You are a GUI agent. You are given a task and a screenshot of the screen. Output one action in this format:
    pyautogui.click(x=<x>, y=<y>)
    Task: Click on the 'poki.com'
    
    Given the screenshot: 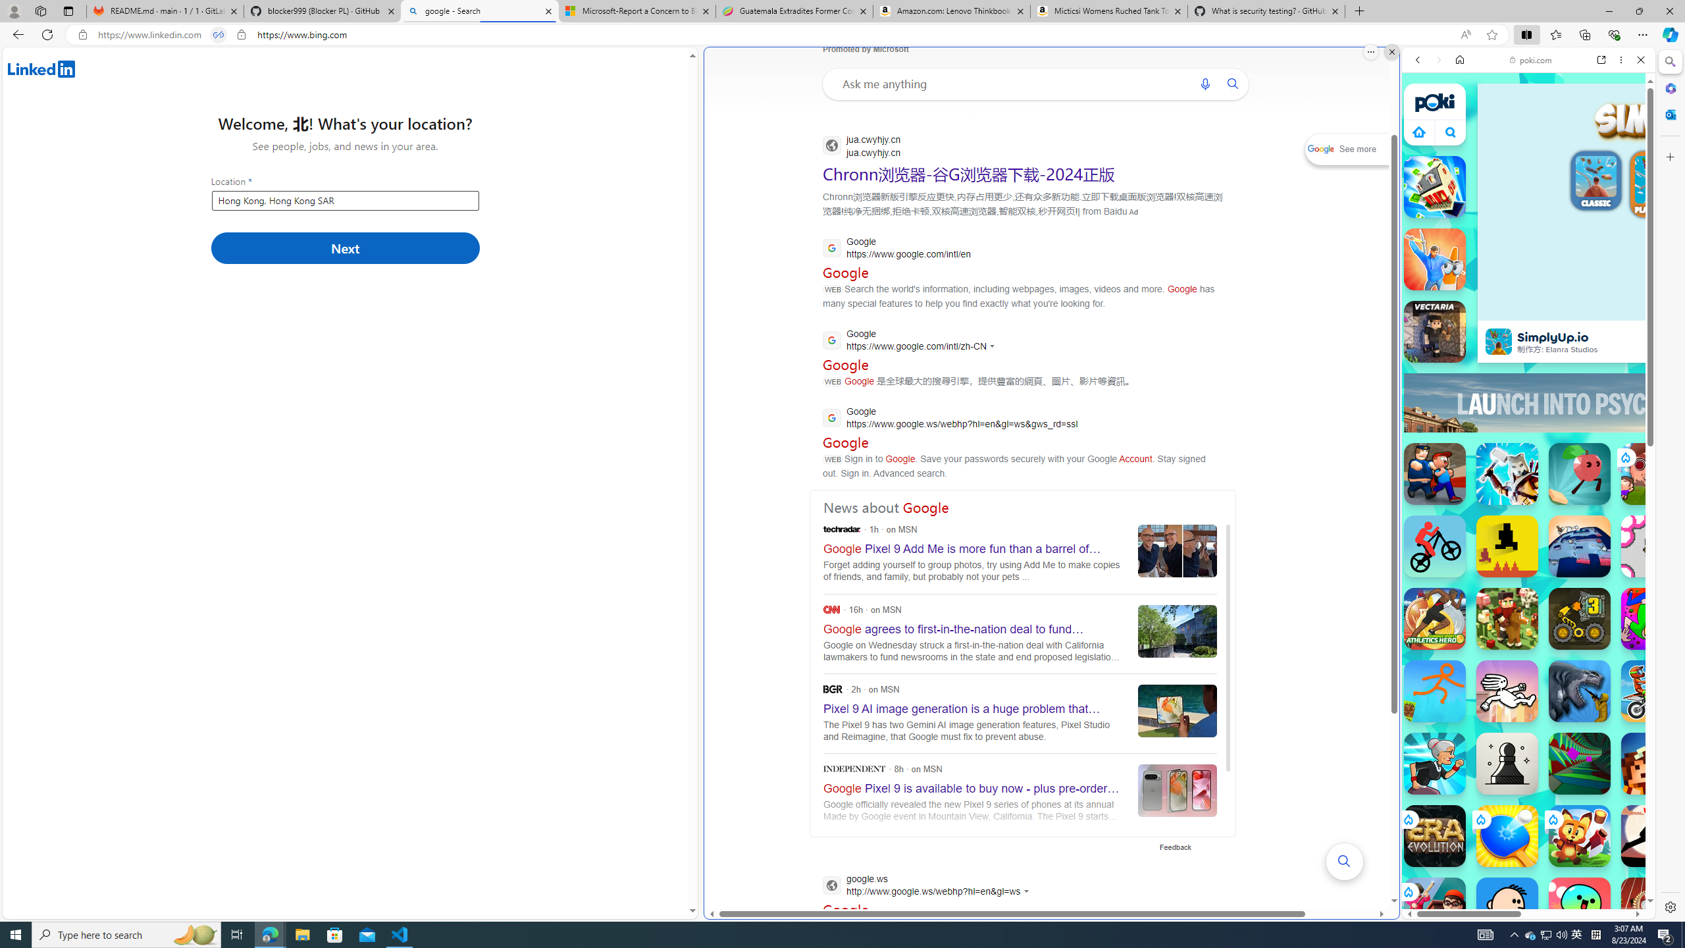 What is the action you would take?
    pyautogui.click(x=1530, y=60)
    